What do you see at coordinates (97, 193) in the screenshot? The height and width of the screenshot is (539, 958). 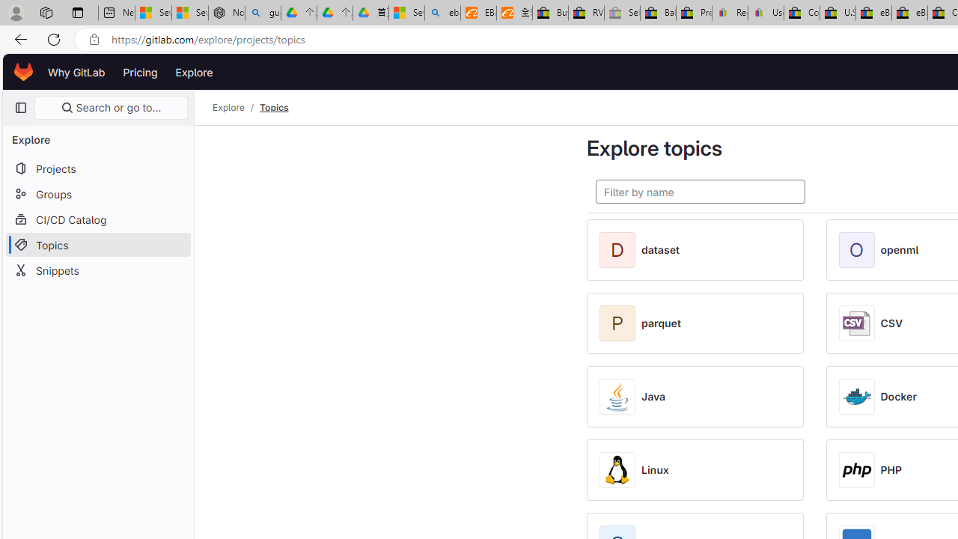 I see `'Groups'` at bounding box center [97, 193].